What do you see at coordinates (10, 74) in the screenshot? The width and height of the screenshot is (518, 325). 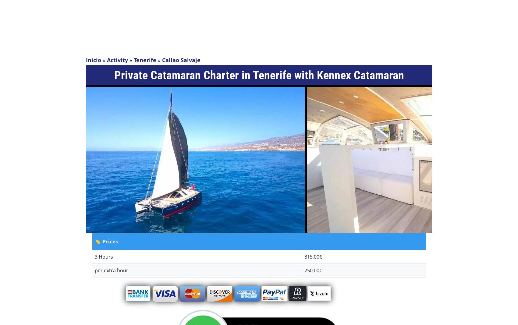 I see `'with children'` at bounding box center [10, 74].